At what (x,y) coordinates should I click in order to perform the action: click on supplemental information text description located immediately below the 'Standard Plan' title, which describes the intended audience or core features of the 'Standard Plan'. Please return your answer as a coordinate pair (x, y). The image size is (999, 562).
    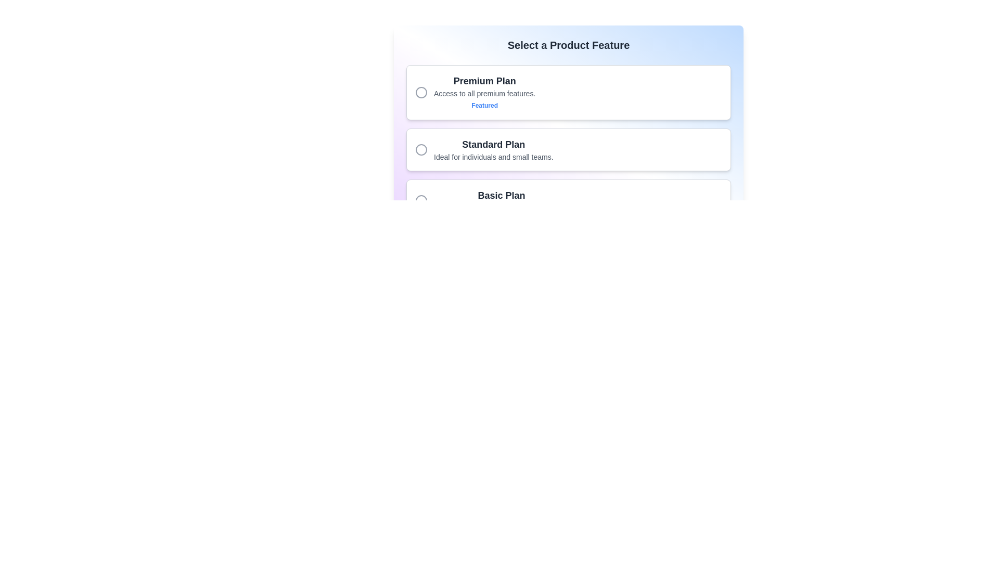
    Looking at the image, I should click on (493, 157).